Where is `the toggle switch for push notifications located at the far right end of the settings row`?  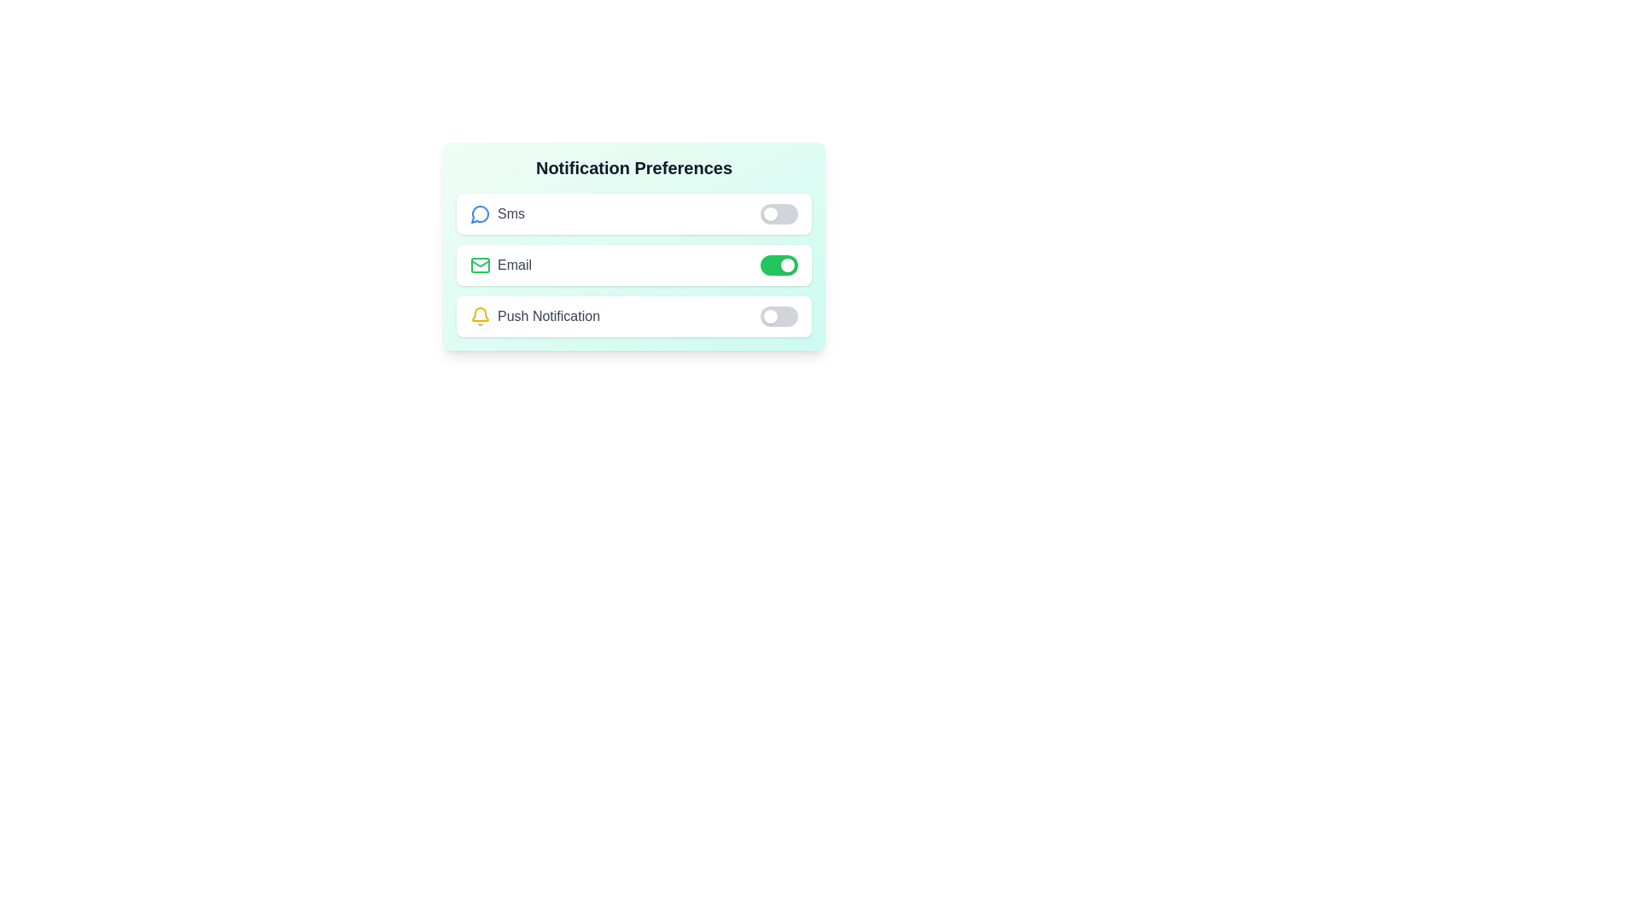
the toggle switch for push notifications located at the far right end of the settings row is located at coordinates (778, 316).